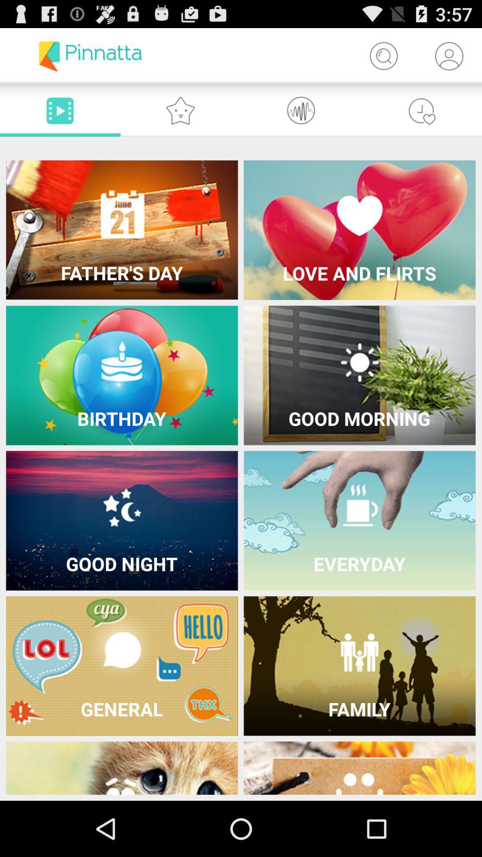 The width and height of the screenshot is (482, 857). What do you see at coordinates (359, 375) in the screenshot?
I see `fourth image from top` at bounding box center [359, 375].